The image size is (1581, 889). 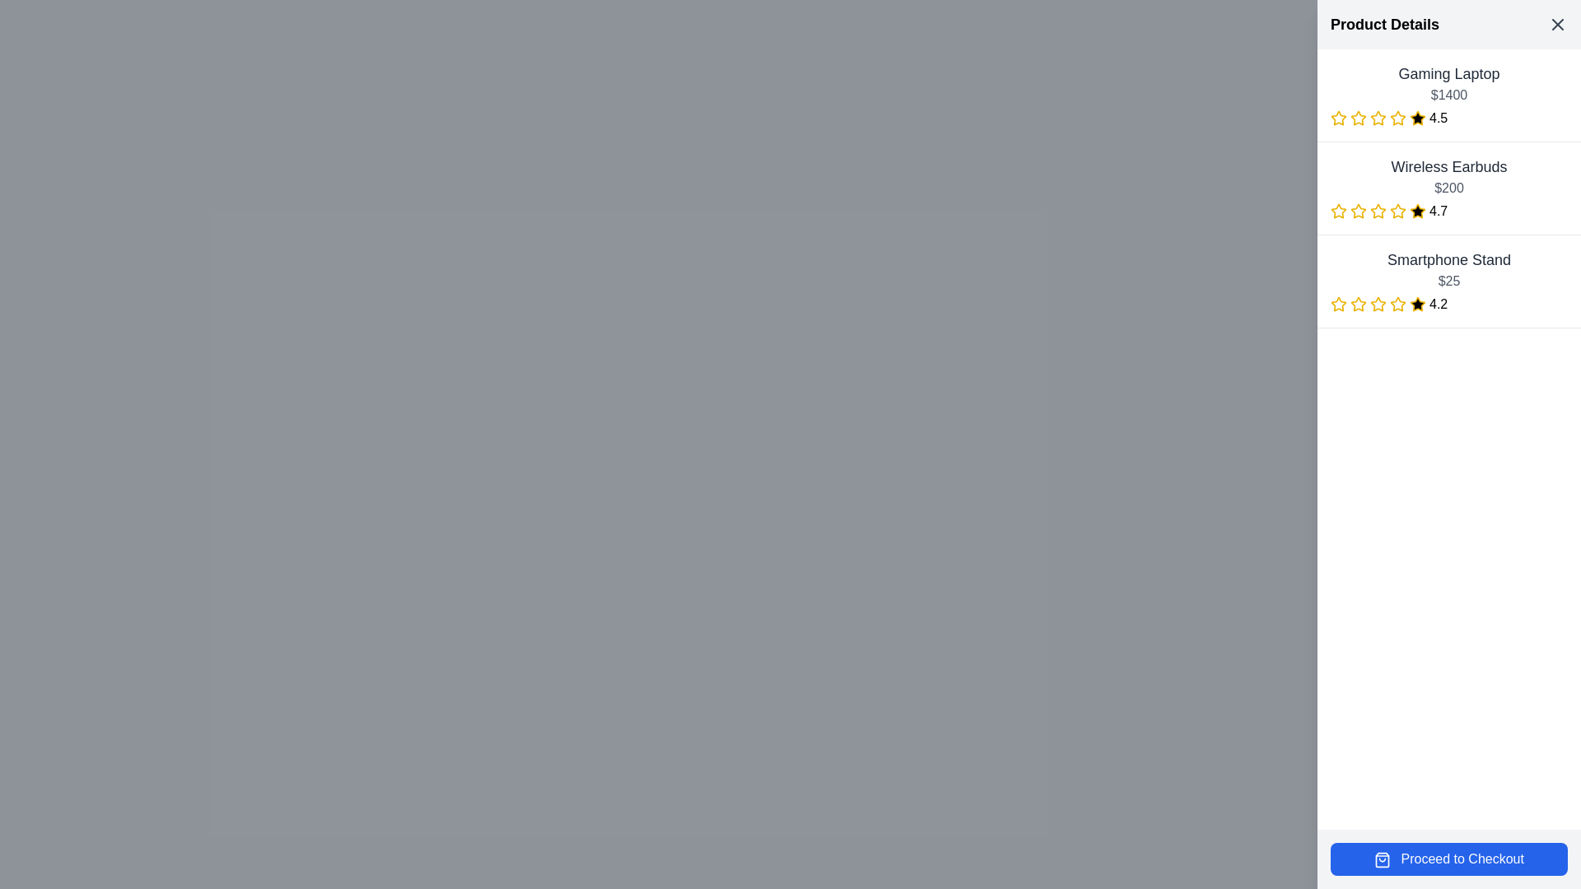 I want to click on the decorative shopping cart icon located in the bottom-right corner of the user interface, which is part of the 'Proceed to Checkout' button, so click(x=1383, y=859).